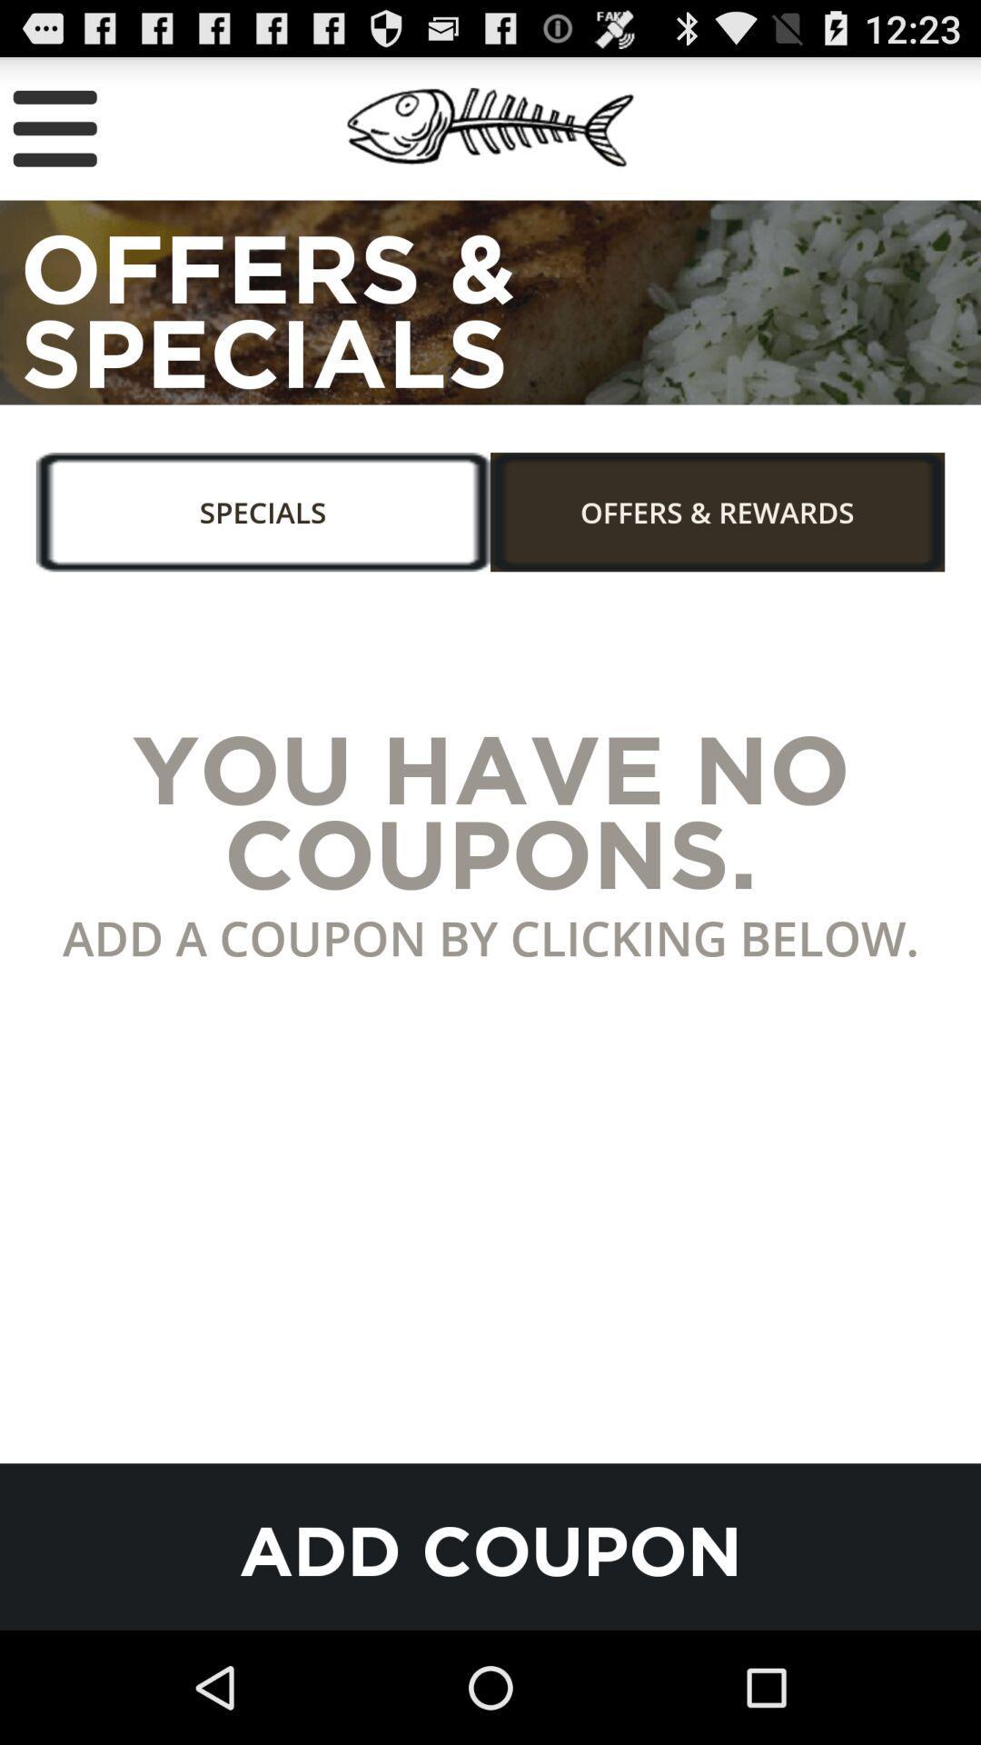 The image size is (981, 1745). Describe the element at coordinates (276, 522) in the screenshot. I see `the text on the left of  offers  rewards` at that location.